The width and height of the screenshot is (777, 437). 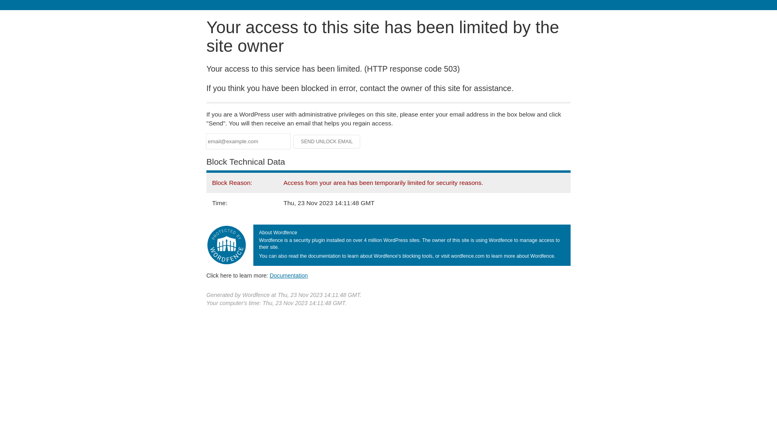 I want to click on 'Send Unlock Email', so click(x=327, y=141).